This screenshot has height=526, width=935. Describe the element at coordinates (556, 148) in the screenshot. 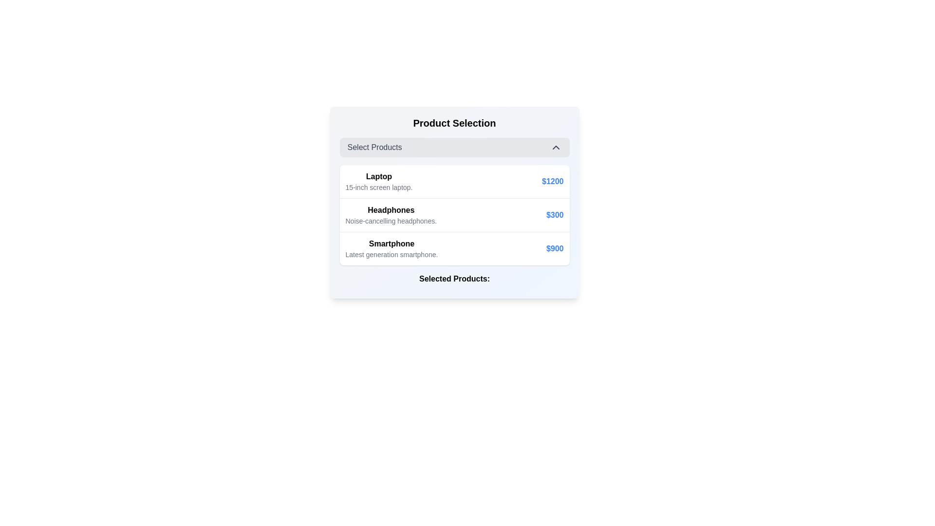

I see `the upward-pointing chevron icon located to the right of the 'Select Products' button` at that location.